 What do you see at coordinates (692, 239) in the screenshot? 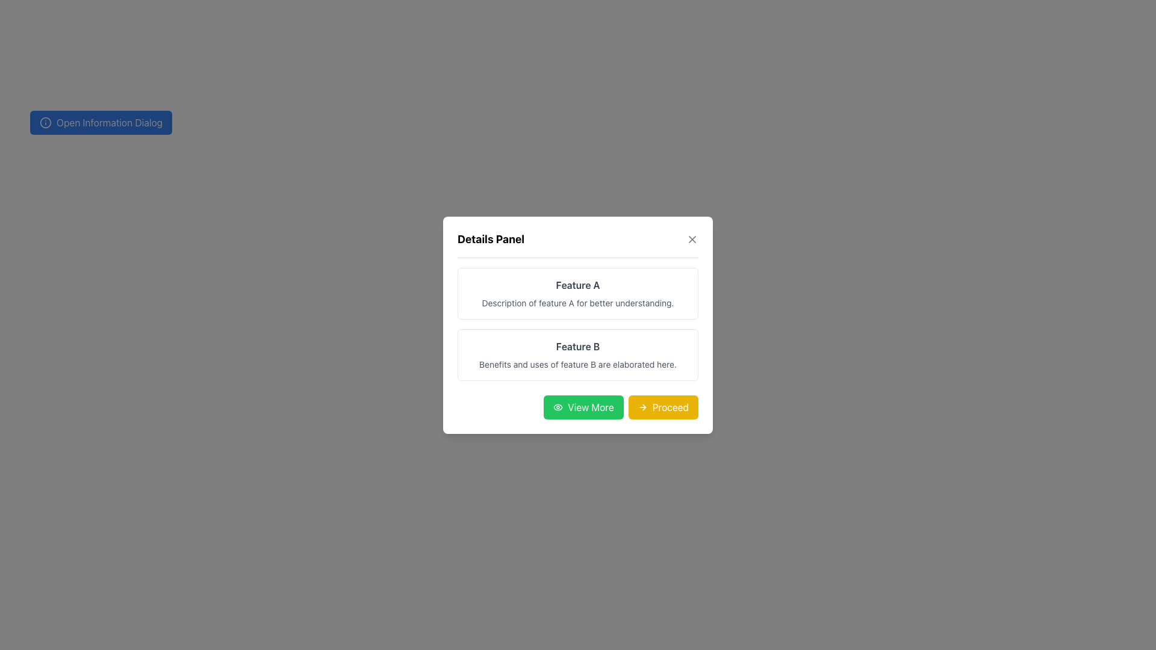
I see `the 'X' icon located in the upper-right corner of the 'Details Panel' modal` at bounding box center [692, 239].